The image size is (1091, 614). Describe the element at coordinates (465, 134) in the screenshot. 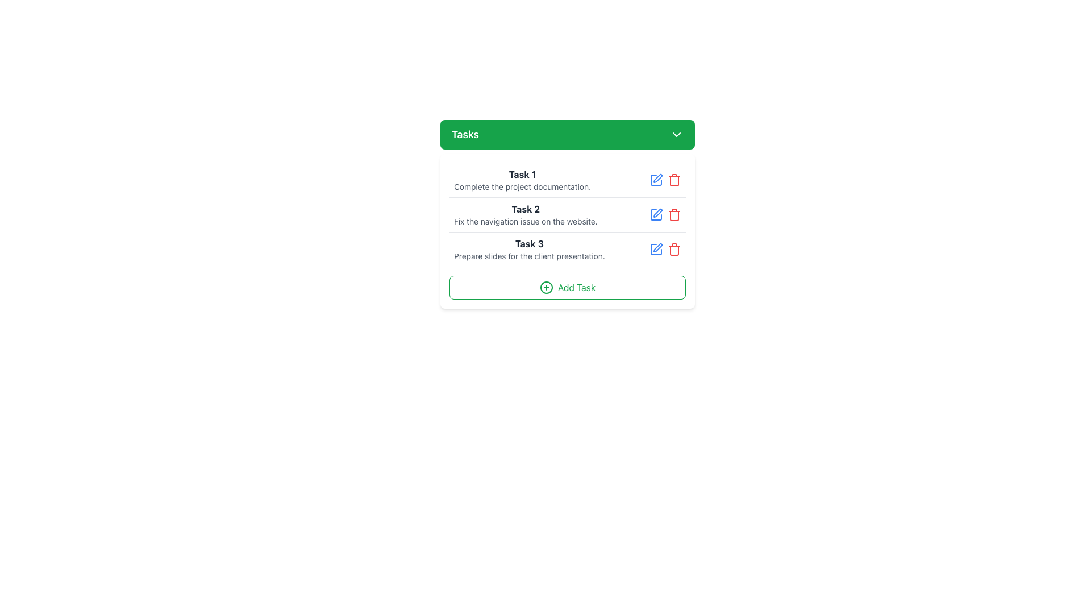

I see `text content of the 'Tasks' label located in the green header bar at the top of the card-like layout` at that location.